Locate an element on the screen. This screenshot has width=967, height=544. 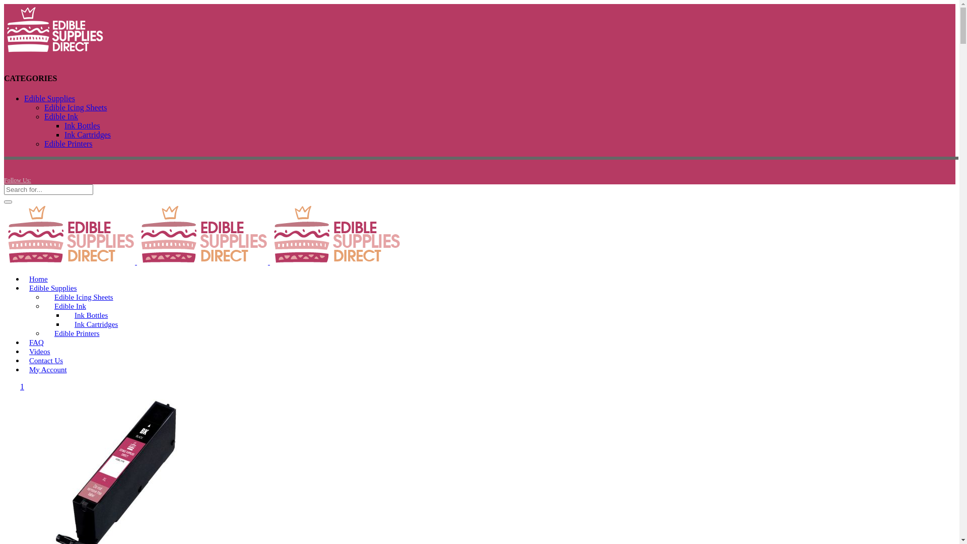
'Contact Us' is located at coordinates (24, 360).